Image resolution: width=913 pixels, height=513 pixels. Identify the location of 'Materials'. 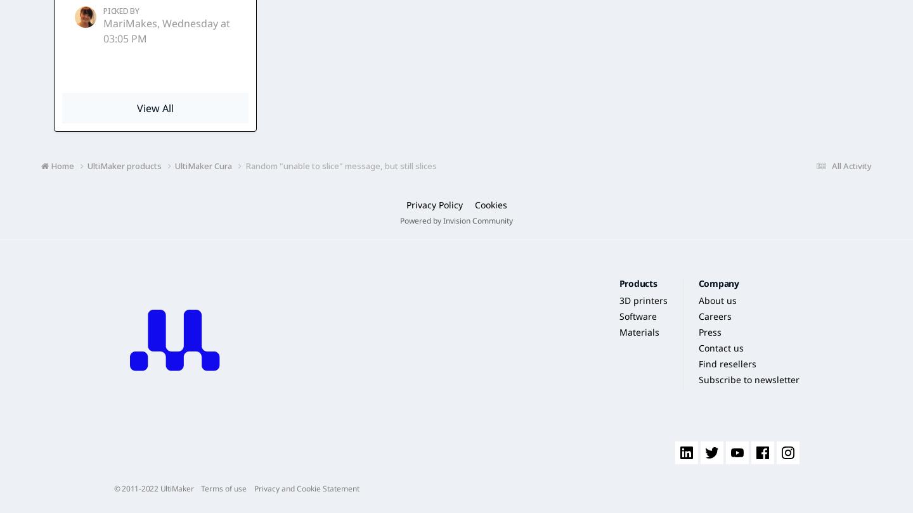
(638, 332).